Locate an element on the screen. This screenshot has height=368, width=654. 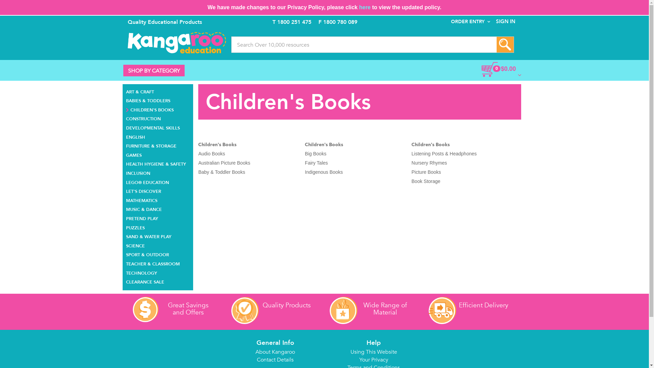
'About Kangaroo' is located at coordinates (275, 352).